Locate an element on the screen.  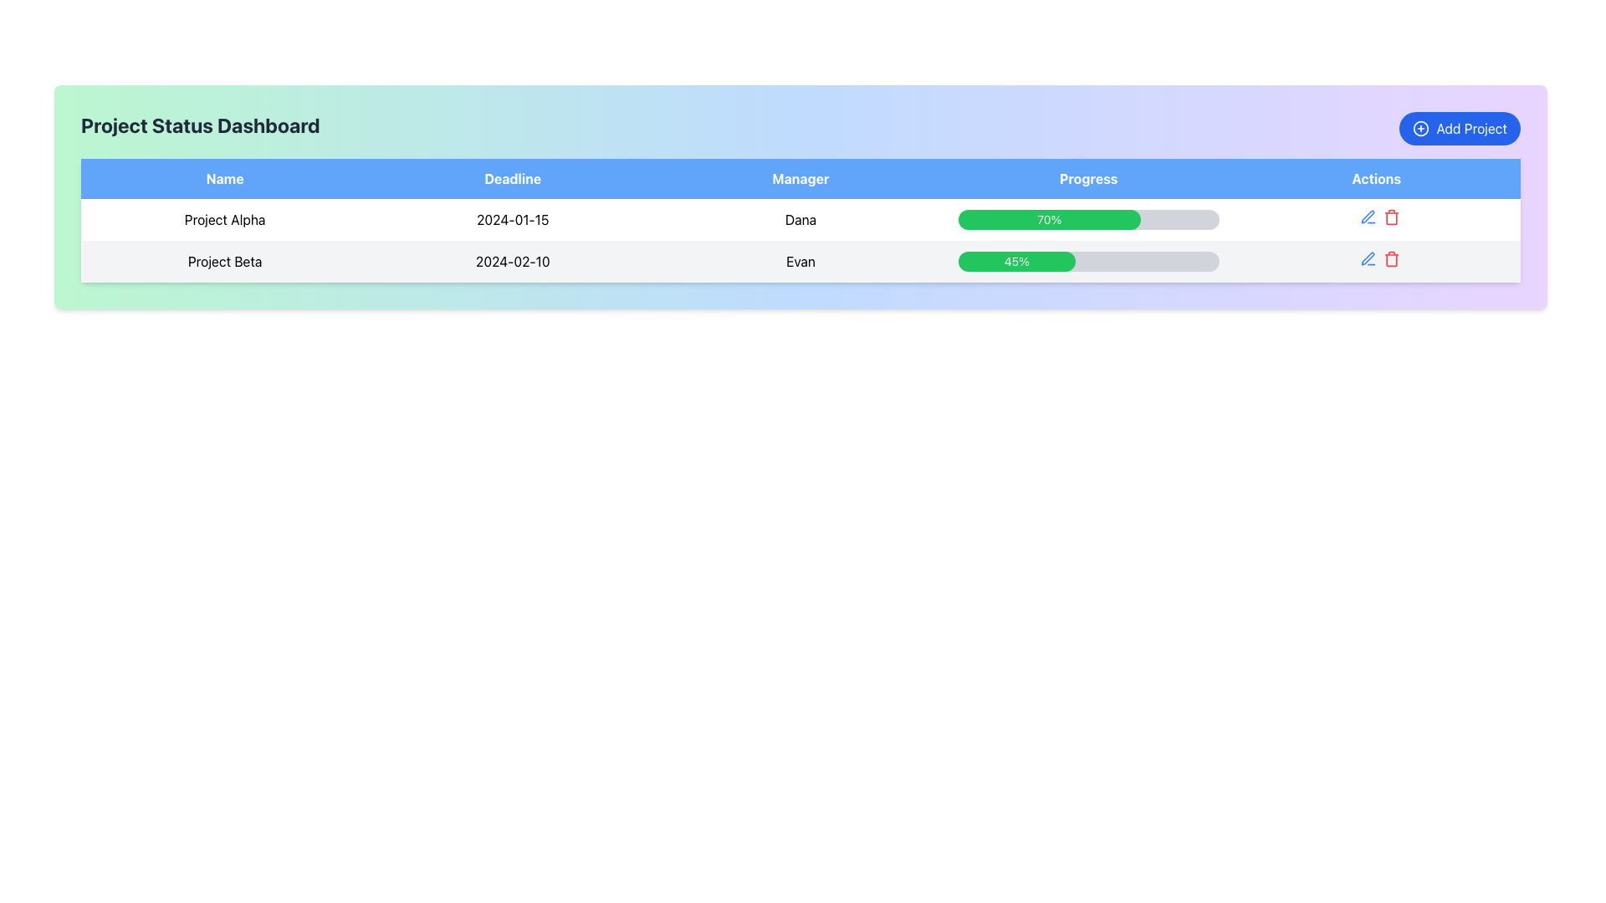
the Header Row of the Project Status Dashboard, which is a horizontal bar with a blue background and white text, containing sections labeled 'Name', 'Deadline', 'Manager', 'Progress', and 'Actions' is located at coordinates (800, 178).